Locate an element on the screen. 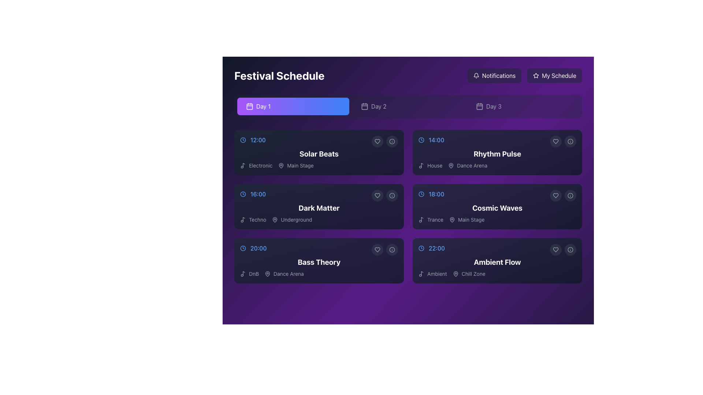 The height and width of the screenshot is (395, 703). the pin-shaped icon resembling a map pin, which is located near the text indicating 'Cosmic Waves' and 'Main Stage' in the event details section is located at coordinates (451, 219).